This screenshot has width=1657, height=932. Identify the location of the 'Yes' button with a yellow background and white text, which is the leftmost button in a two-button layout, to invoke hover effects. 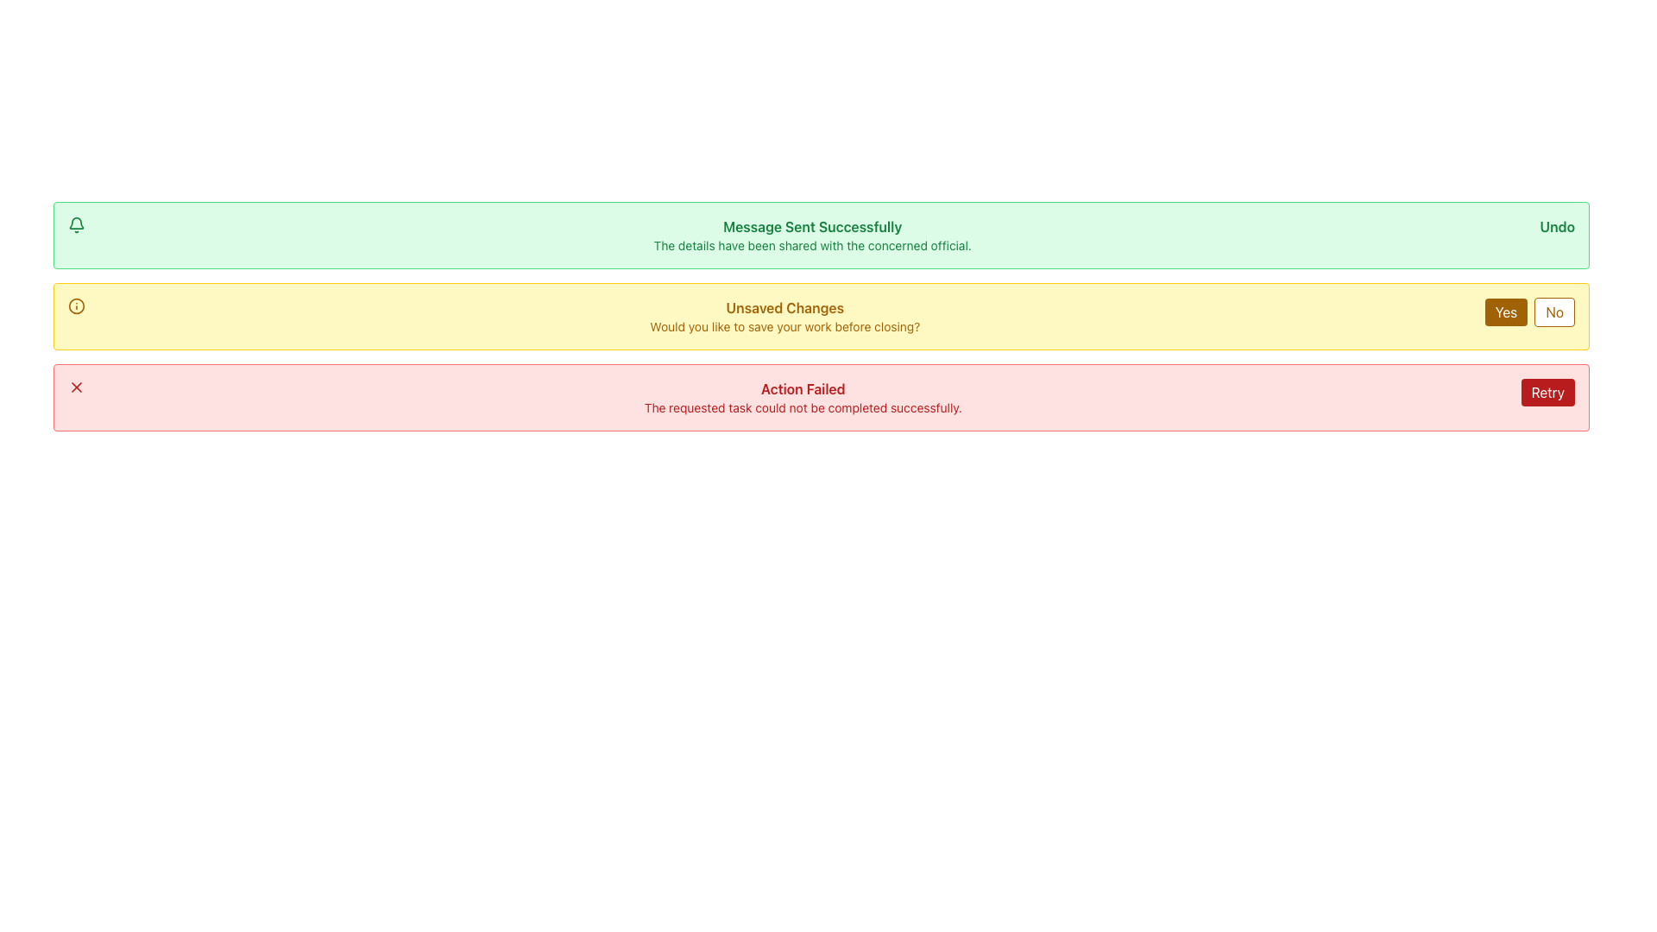
(1505, 312).